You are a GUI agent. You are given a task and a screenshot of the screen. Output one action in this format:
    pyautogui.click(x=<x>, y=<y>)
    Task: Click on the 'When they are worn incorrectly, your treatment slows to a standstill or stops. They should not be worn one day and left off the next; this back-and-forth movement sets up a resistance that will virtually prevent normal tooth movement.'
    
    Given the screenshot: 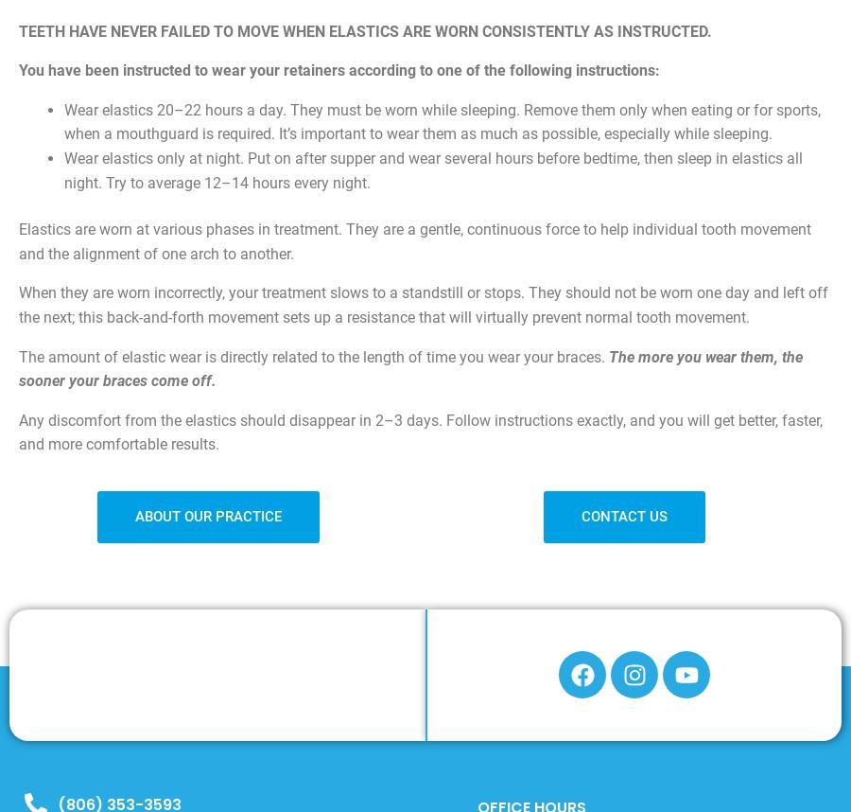 What is the action you would take?
    pyautogui.click(x=424, y=304)
    